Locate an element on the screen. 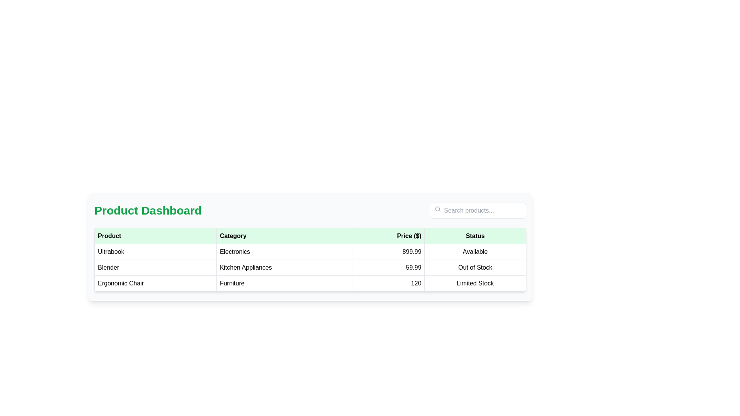 The width and height of the screenshot is (740, 416). the 'Status' table header, which is the last header in the row with a light green background and bold text is located at coordinates (475, 236).